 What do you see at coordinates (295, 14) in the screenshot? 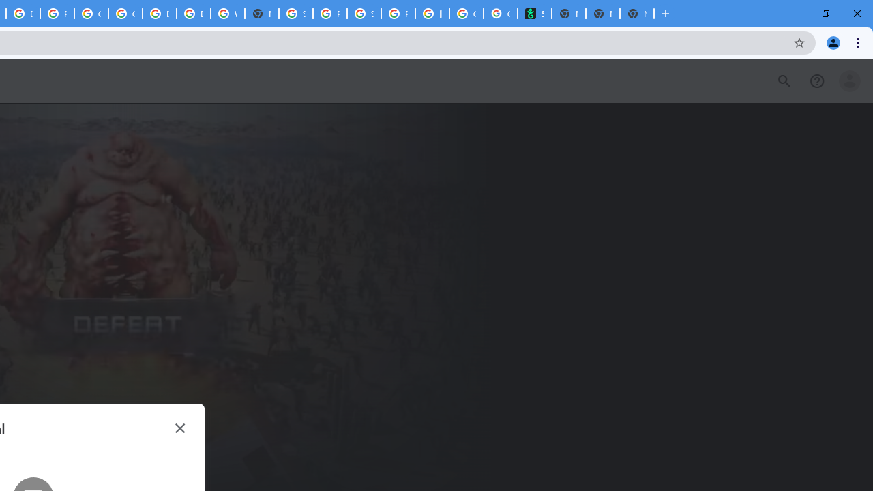
I see `'Sign in - Google Accounts'` at bounding box center [295, 14].